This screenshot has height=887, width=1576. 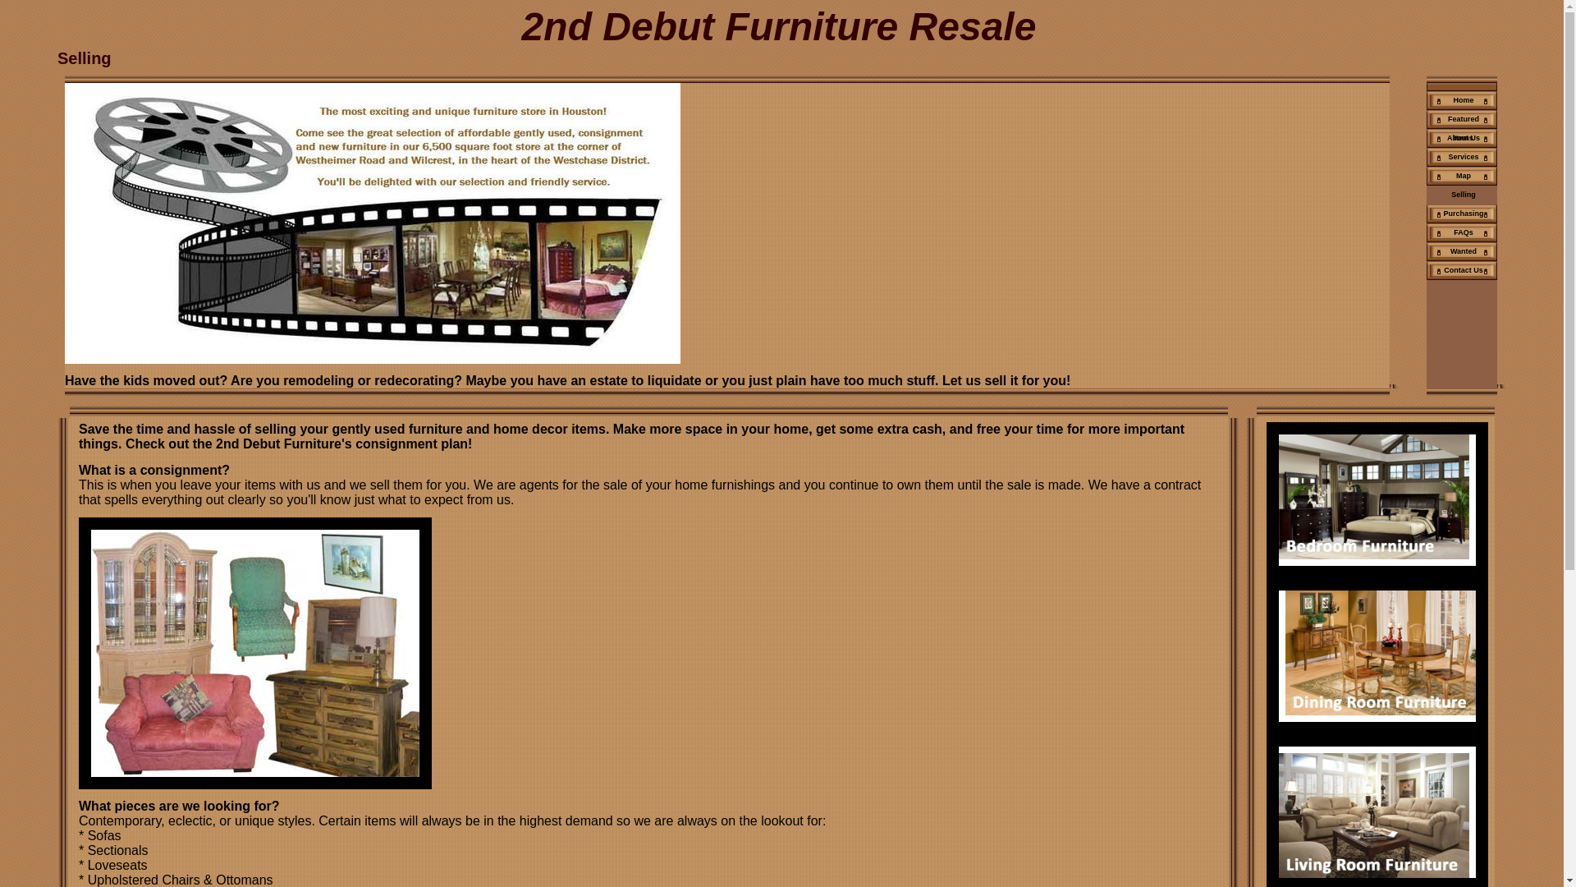 I want to click on 'Purchasing', so click(x=1425, y=213).